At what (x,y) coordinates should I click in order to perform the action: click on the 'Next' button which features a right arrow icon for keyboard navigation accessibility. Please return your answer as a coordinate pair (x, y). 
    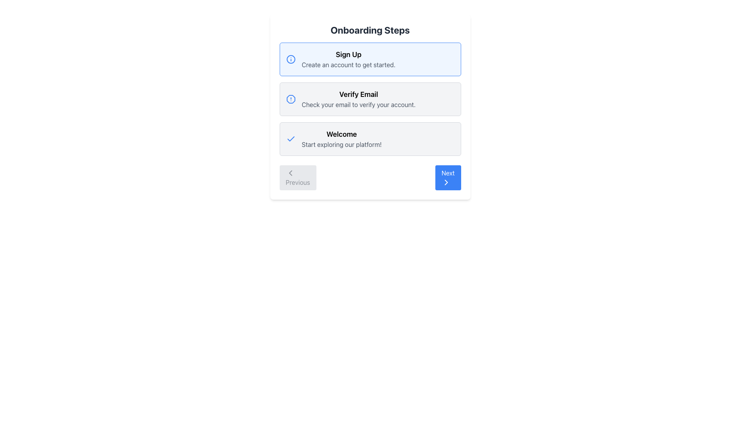
    Looking at the image, I should click on (446, 182).